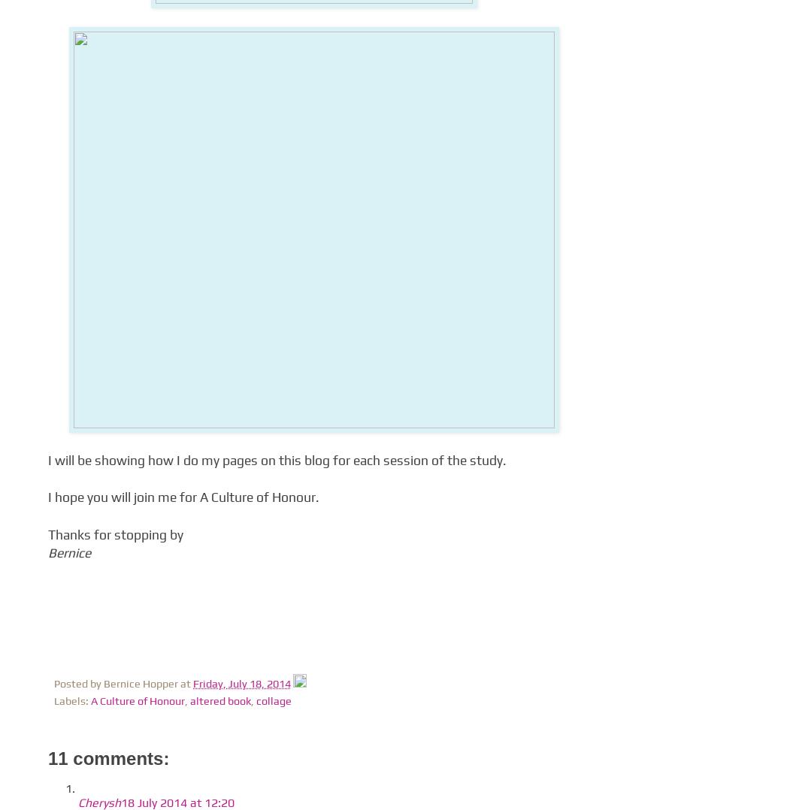 This screenshot has width=802, height=810. What do you see at coordinates (71, 700) in the screenshot?
I see `'Labels:'` at bounding box center [71, 700].